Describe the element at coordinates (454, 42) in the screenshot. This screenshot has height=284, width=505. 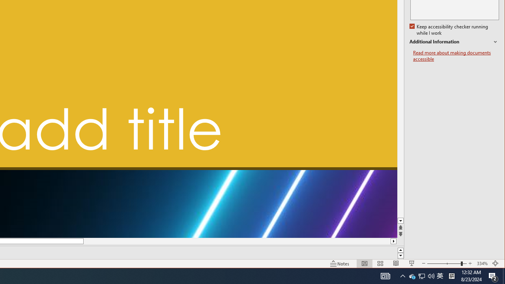
I see `'Additional Information'` at that location.